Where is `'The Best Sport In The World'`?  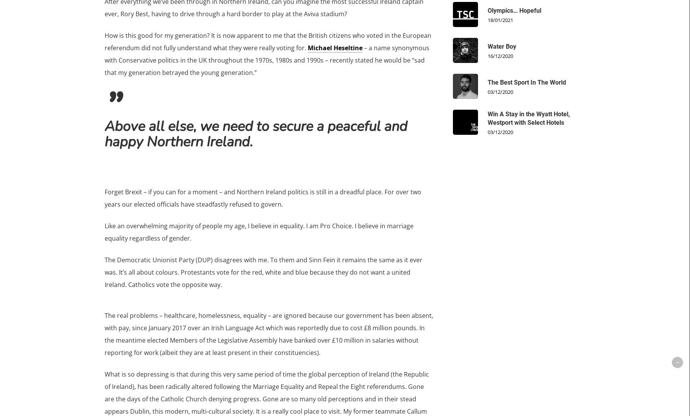 'The Best Sport In The World' is located at coordinates (526, 82).